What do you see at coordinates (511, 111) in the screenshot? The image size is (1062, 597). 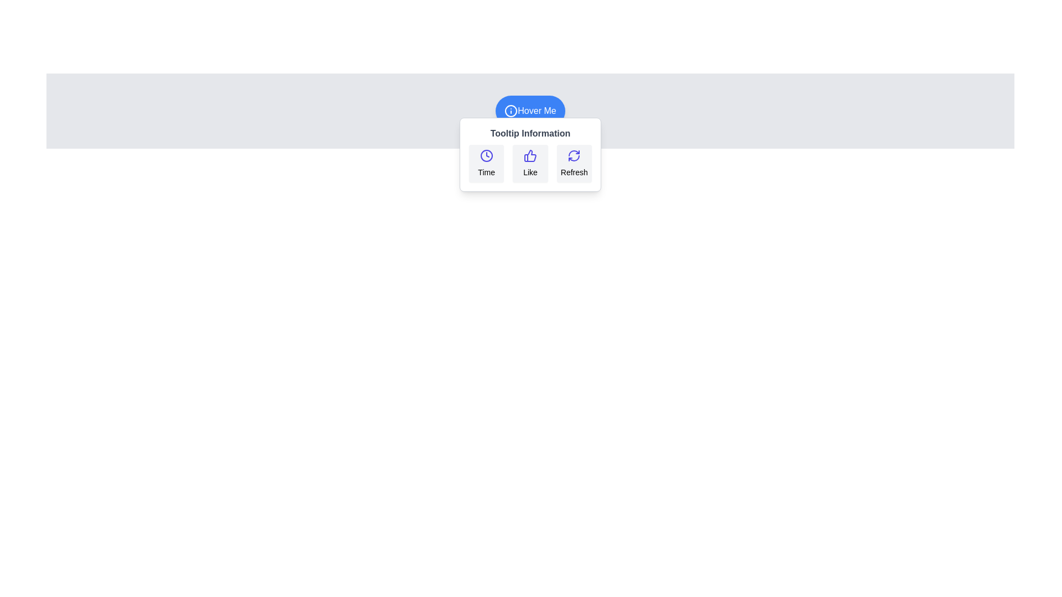 I see `the circular SVG graphical element with a blue border that is centered within the tooltip containing the text 'Hover Me'` at bounding box center [511, 111].